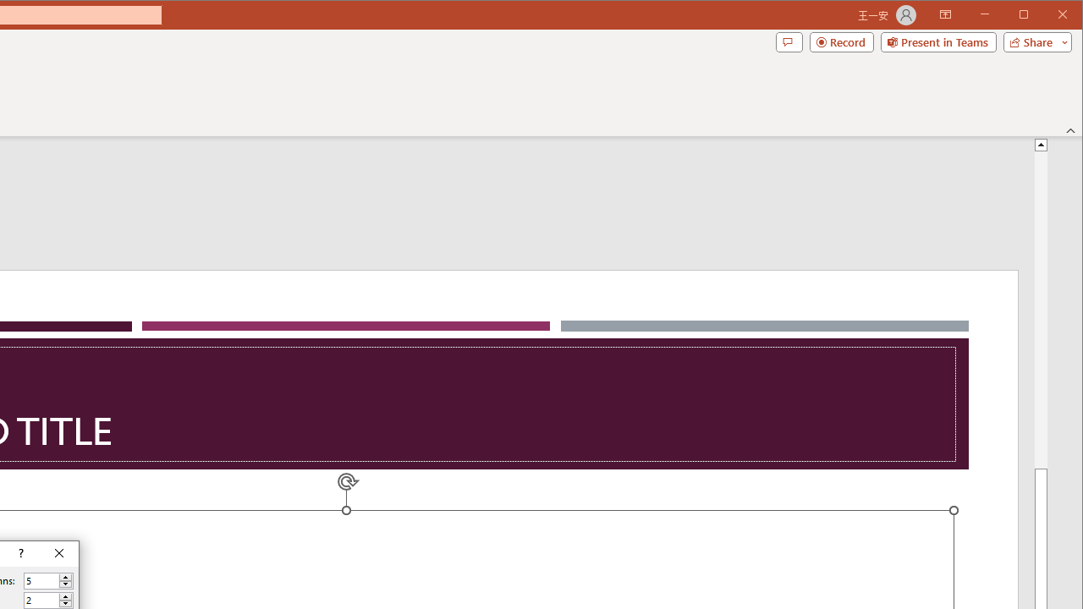 The width and height of the screenshot is (1083, 609). Describe the element at coordinates (41, 580) in the screenshot. I see `'Number of columns'` at that location.